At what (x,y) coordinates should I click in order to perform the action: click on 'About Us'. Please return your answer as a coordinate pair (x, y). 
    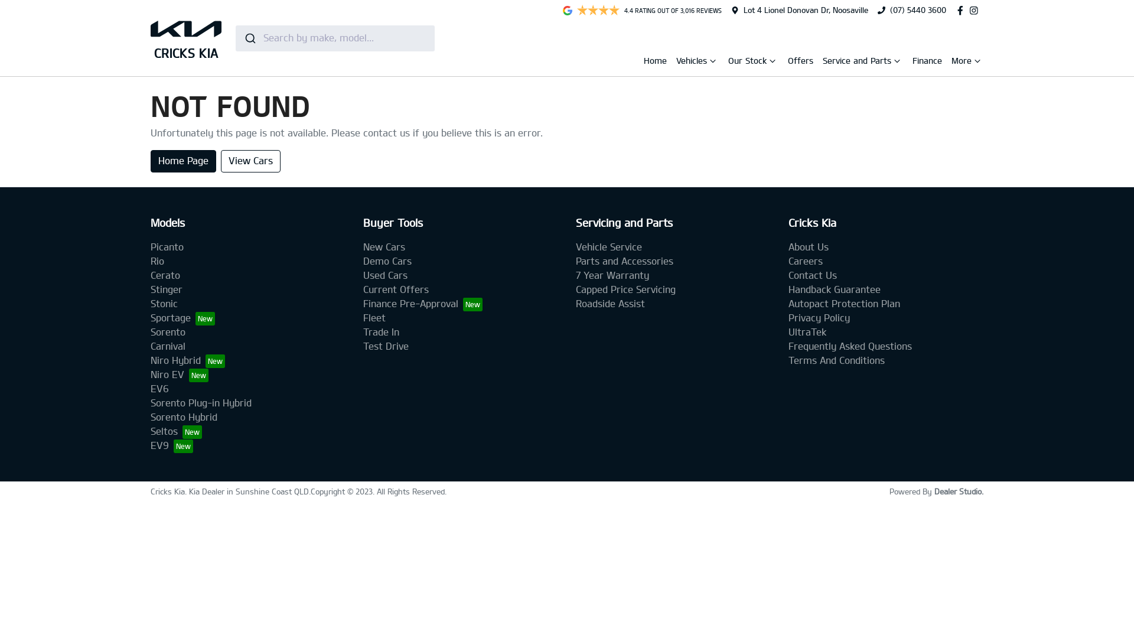
    Looking at the image, I should click on (807, 246).